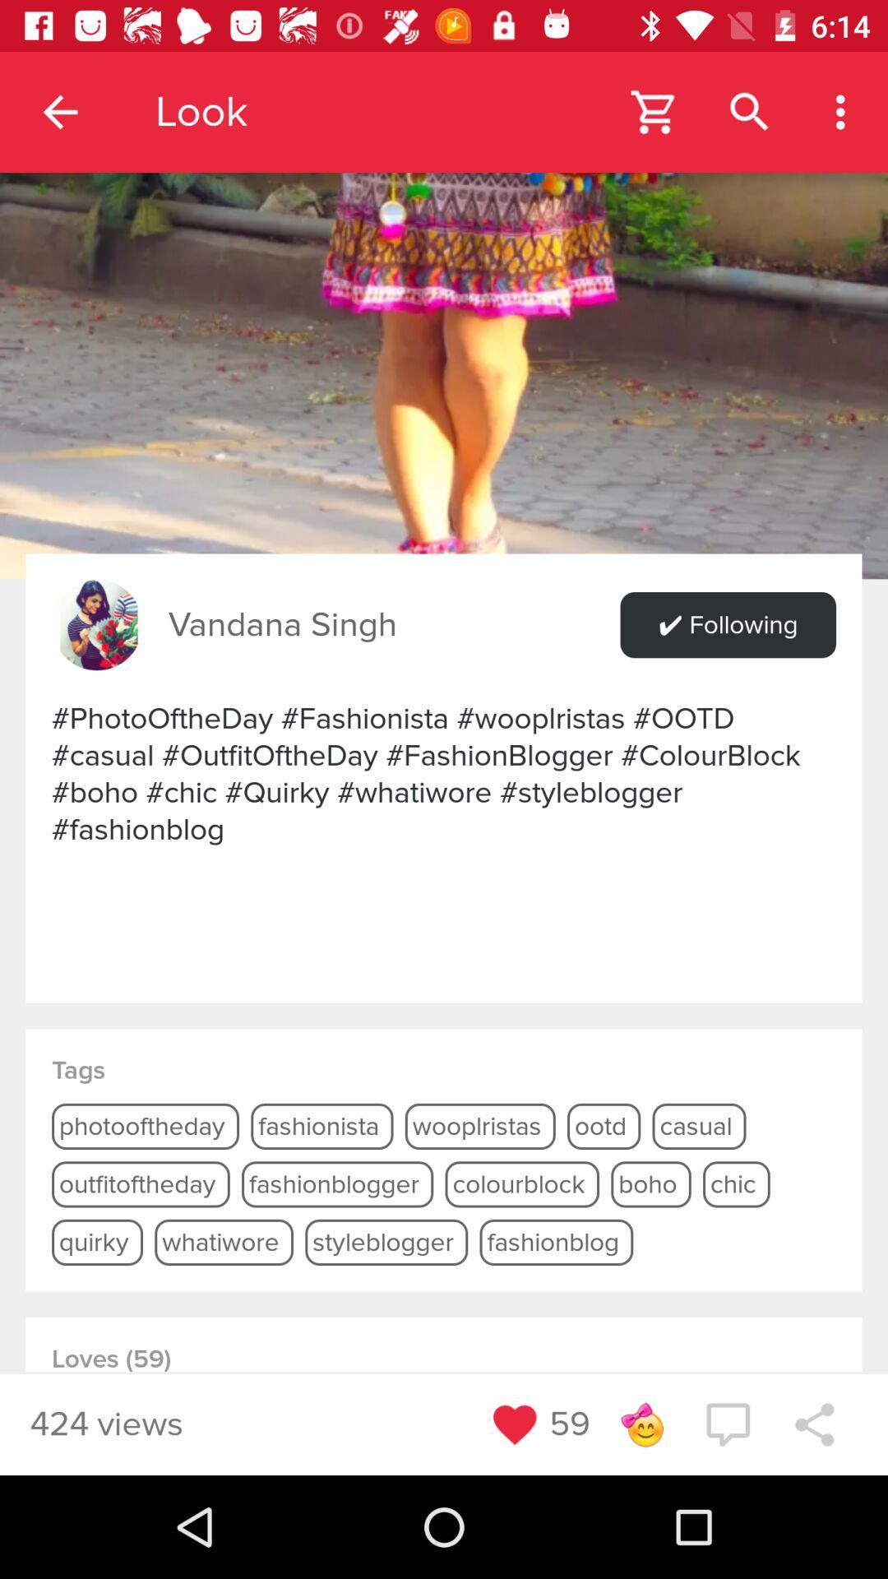  Describe the element at coordinates (97, 624) in the screenshot. I see `the item above photooftheday fashionista wooplristas icon` at that location.